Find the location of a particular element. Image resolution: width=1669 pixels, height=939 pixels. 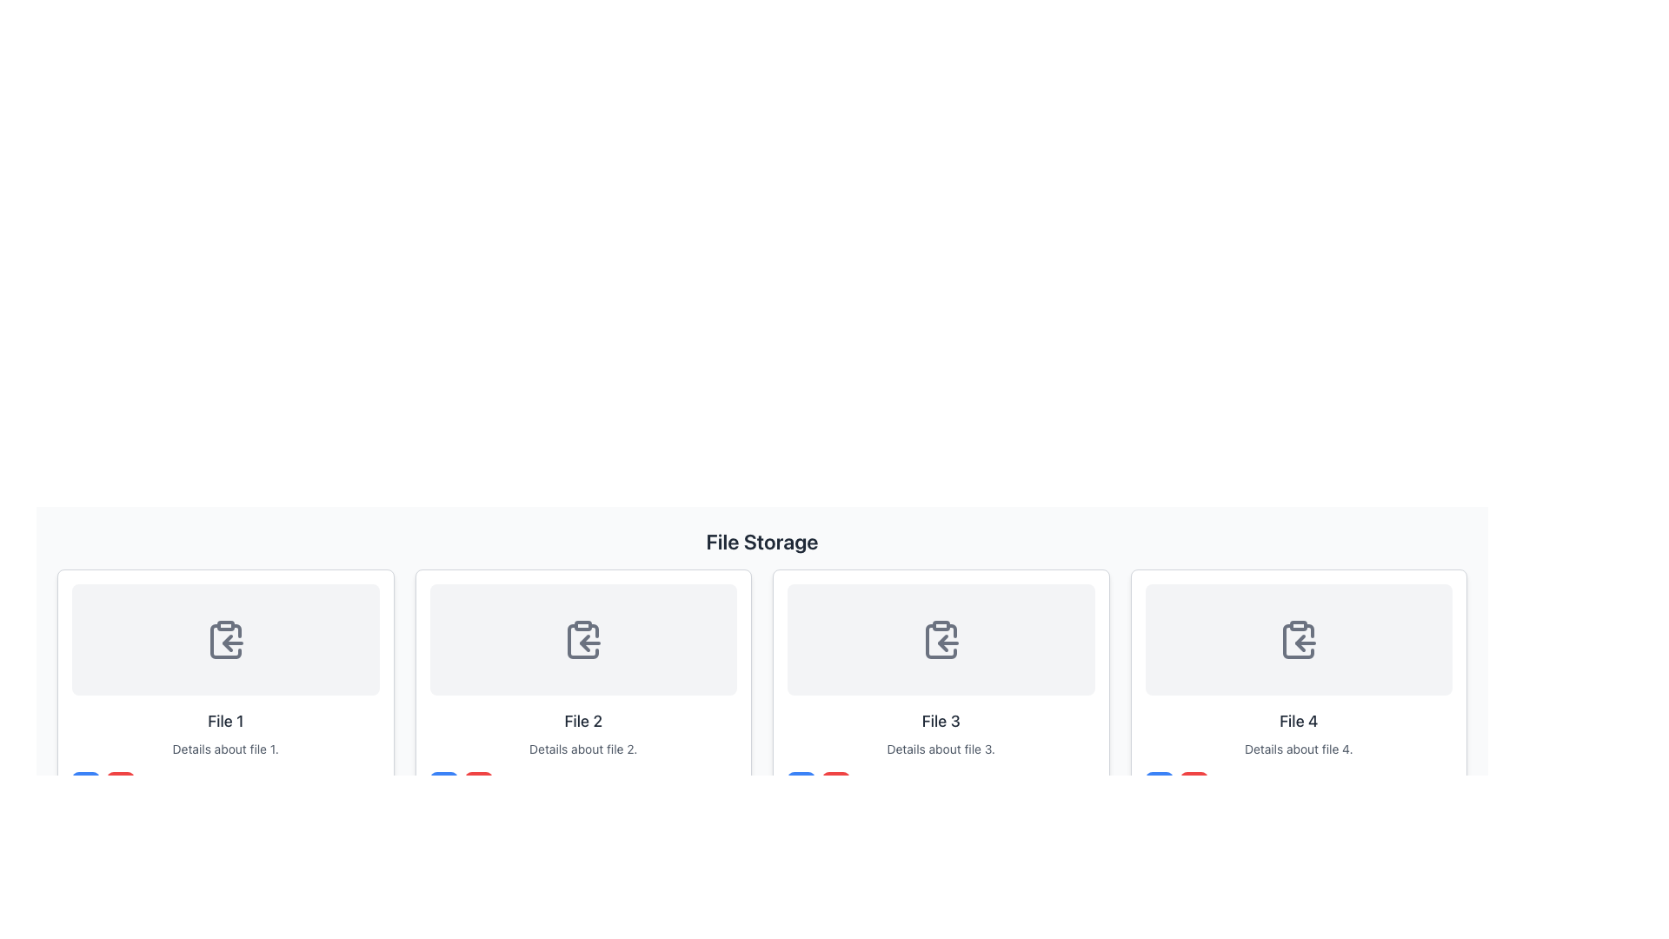

the visual representation of the downward-pointing arrow graphic icon located below the clipboard in the 'File 2' grid item is located at coordinates (585, 908).